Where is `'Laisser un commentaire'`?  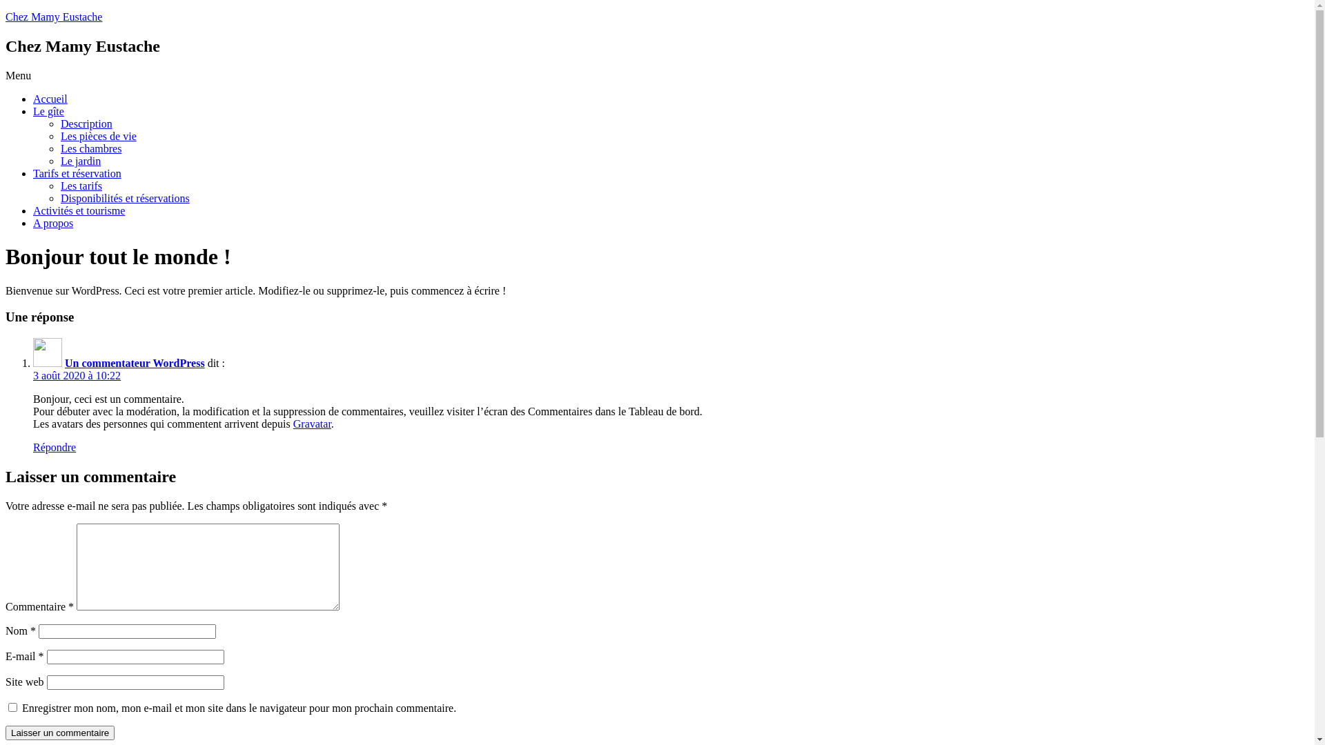 'Laisser un commentaire' is located at coordinates (59, 732).